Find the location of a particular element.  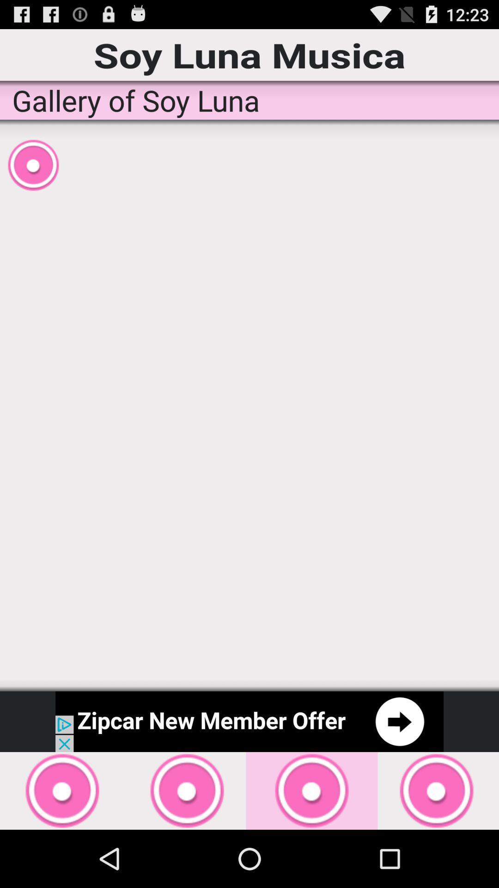

advertisement is located at coordinates (249, 721).